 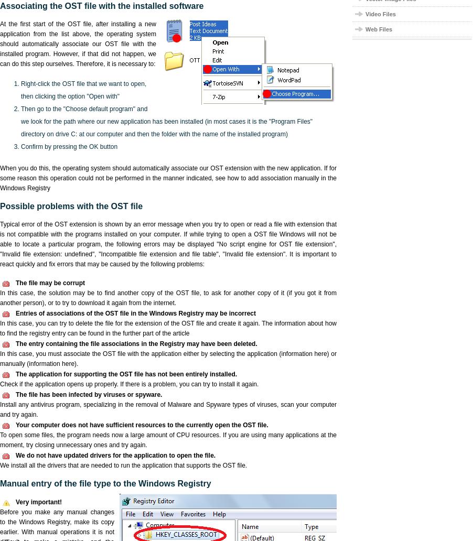 I want to click on 'To open some files, the program needs now a large amount of CPU resources. If you are using many applications at the moment, try closing unnecessary ones and try again.', so click(x=168, y=440).